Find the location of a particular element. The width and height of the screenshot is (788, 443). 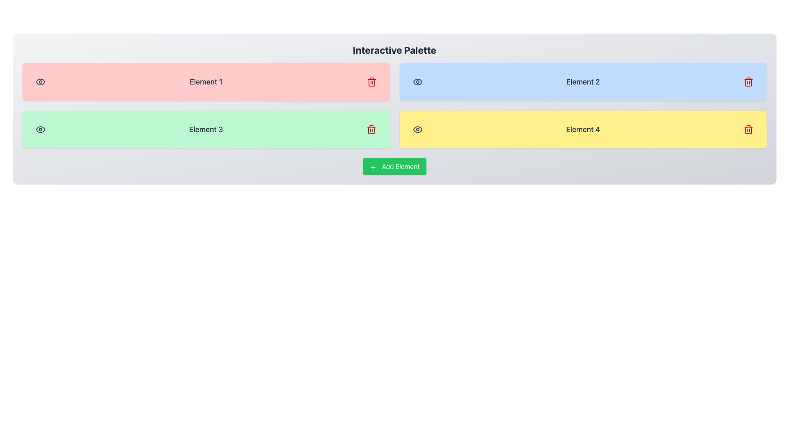

the red trash bin icon located within the rectangular box labeled 'Element 1' is located at coordinates (371, 82).